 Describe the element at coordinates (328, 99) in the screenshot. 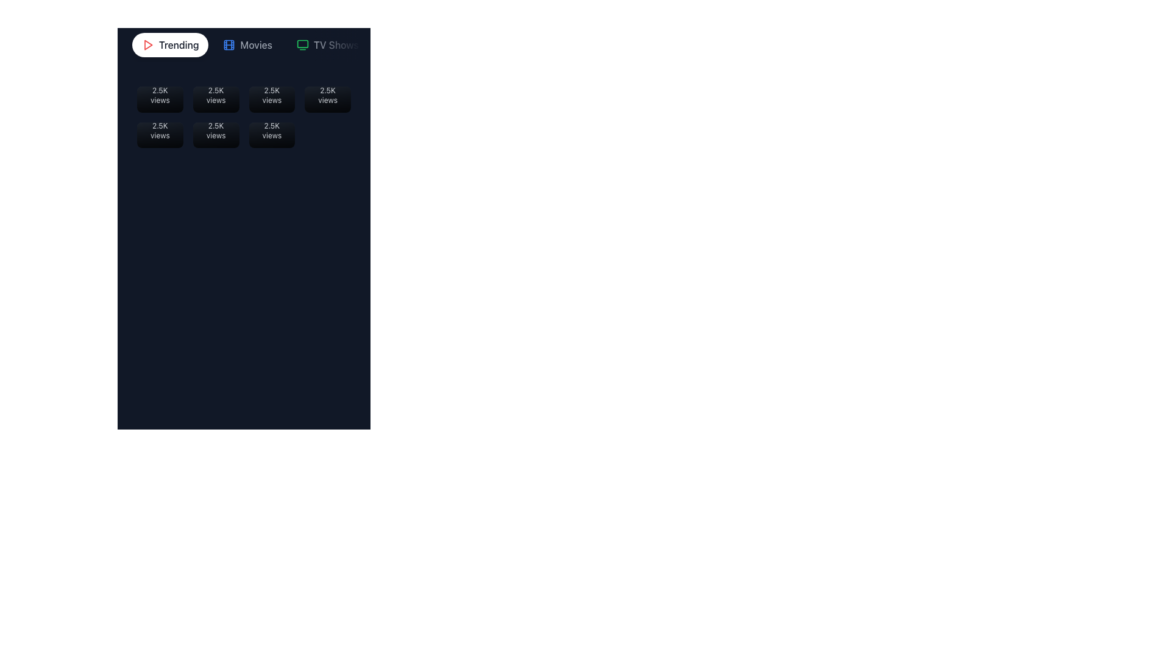

I see `views information displayed in the text label showing '2.5K views', located near the bottom of the fourth card in a centrally positioned grid layout` at that location.